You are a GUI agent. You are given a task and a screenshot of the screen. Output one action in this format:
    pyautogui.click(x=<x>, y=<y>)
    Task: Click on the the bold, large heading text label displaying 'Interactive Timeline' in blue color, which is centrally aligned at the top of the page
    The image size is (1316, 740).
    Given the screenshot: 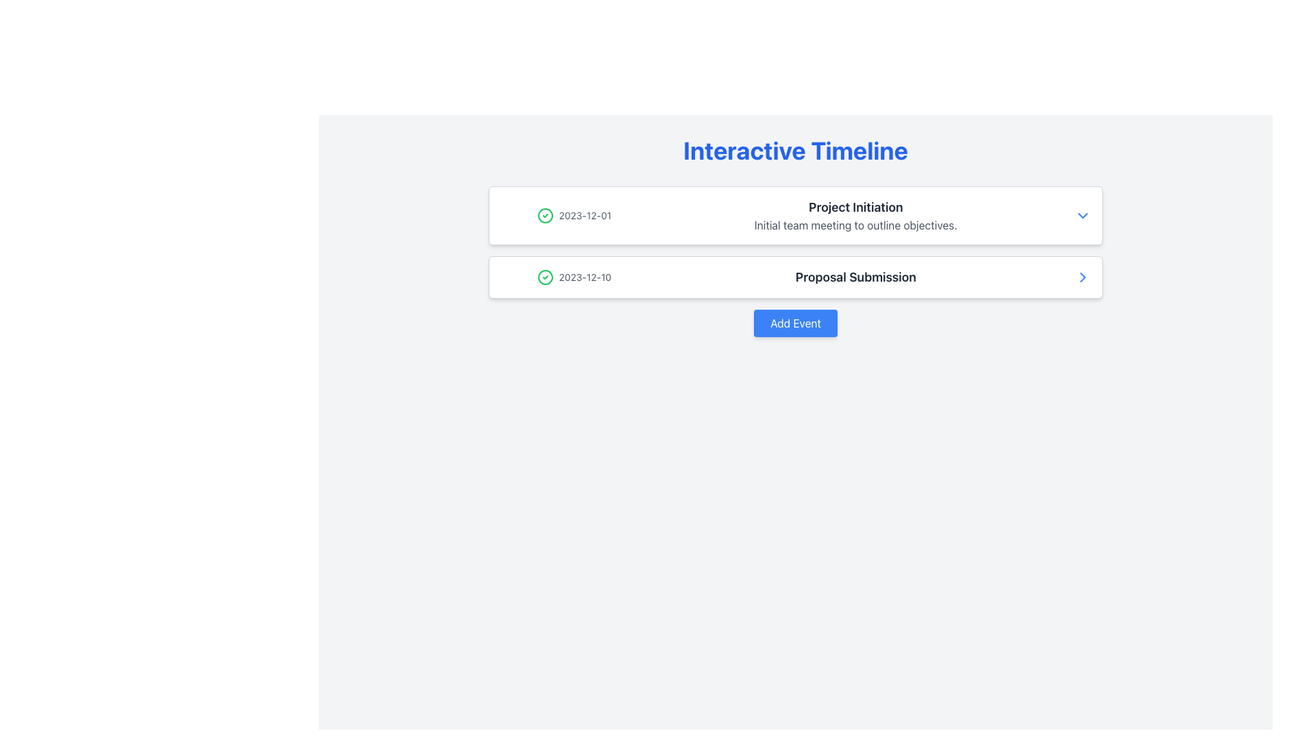 What is the action you would take?
    pyautogui.click(x=796, y=150)
    